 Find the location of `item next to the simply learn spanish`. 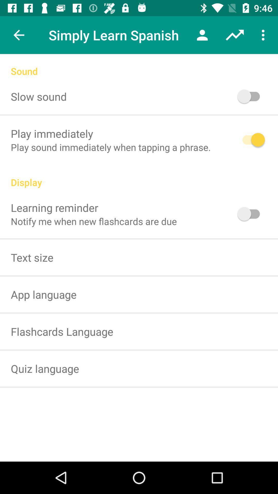

item next to the simply learn spanish is located at coordinates (202, 35).